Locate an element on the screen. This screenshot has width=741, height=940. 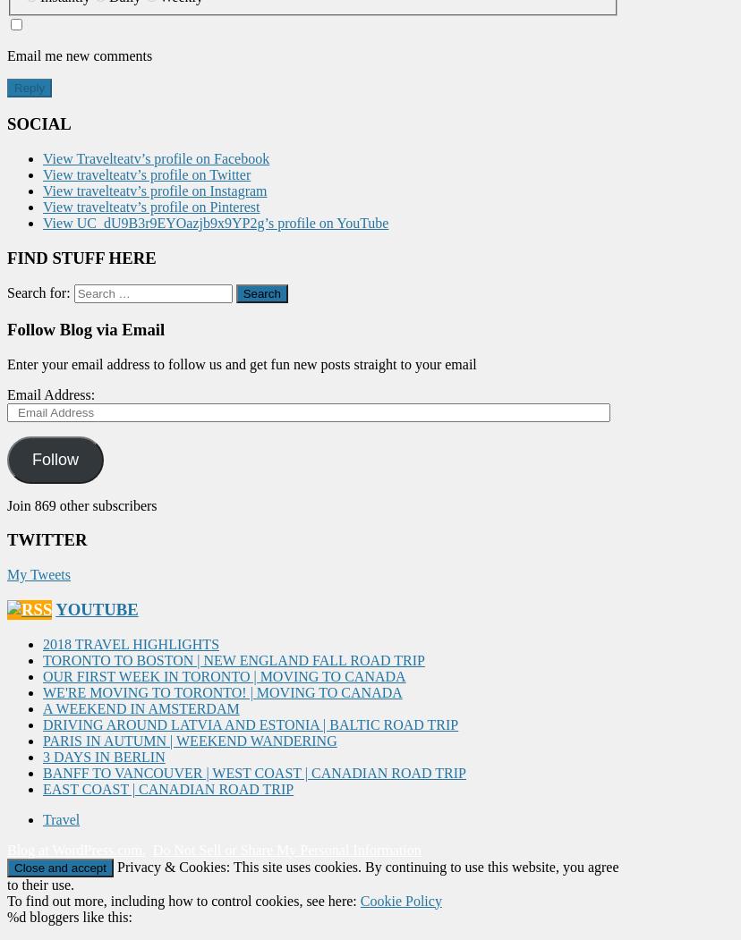
'My Tweets' is located at coordinates (7, 573).